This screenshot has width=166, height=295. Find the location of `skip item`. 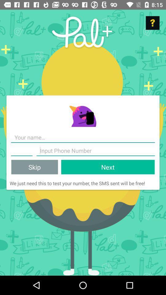

skip item is located at coordinates (34, 167).